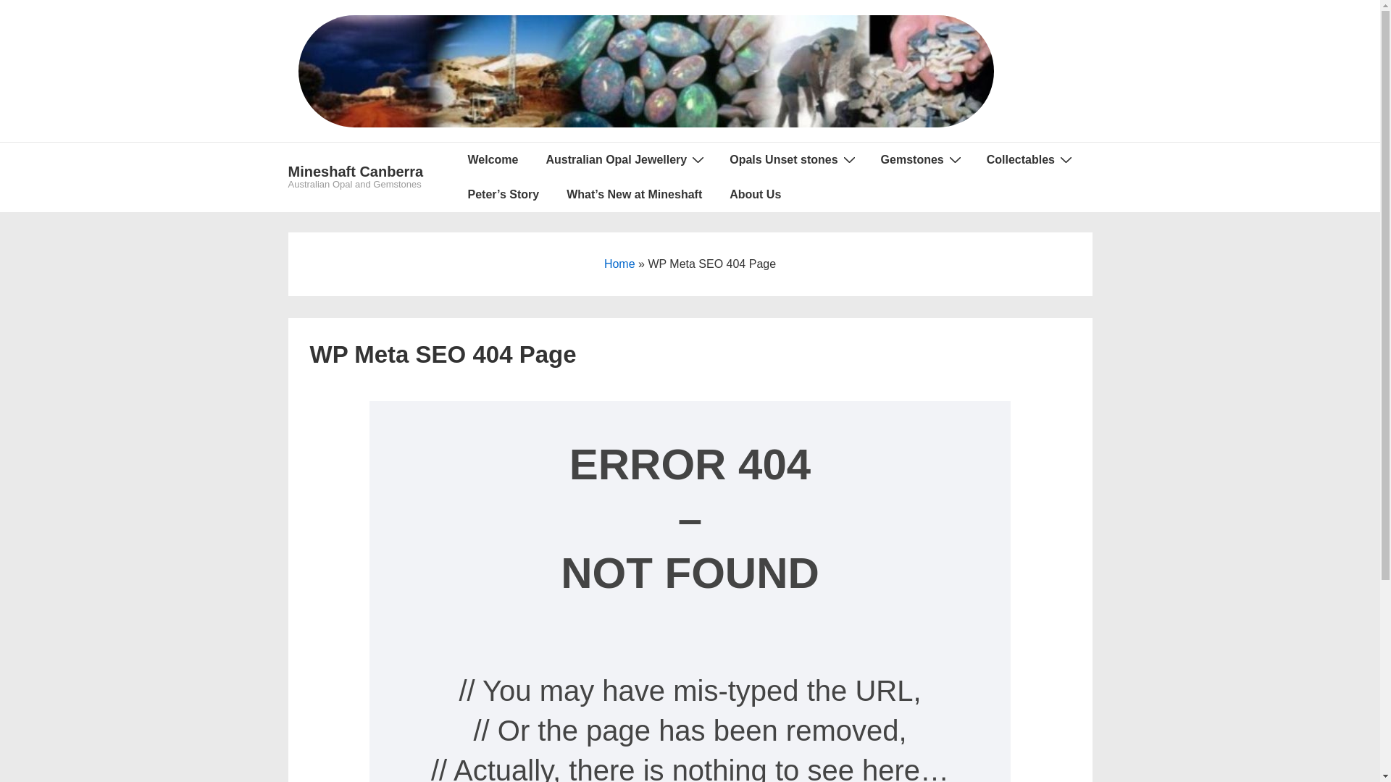  I want to click on 'Welcome', so click(493, 159).